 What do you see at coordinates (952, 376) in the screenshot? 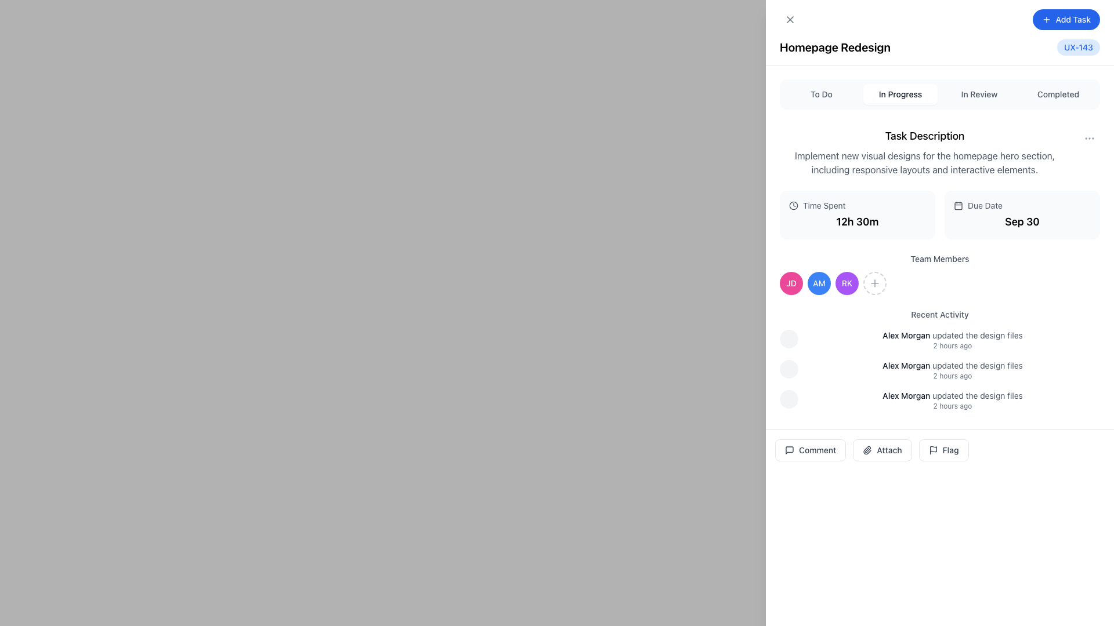
I see `the text label displaying '2 hours ago' in light gray color located in the 'Recent Activity' section, positioned under 'Alex Morgan updated the design files.'` at bounding box center [952, 376].